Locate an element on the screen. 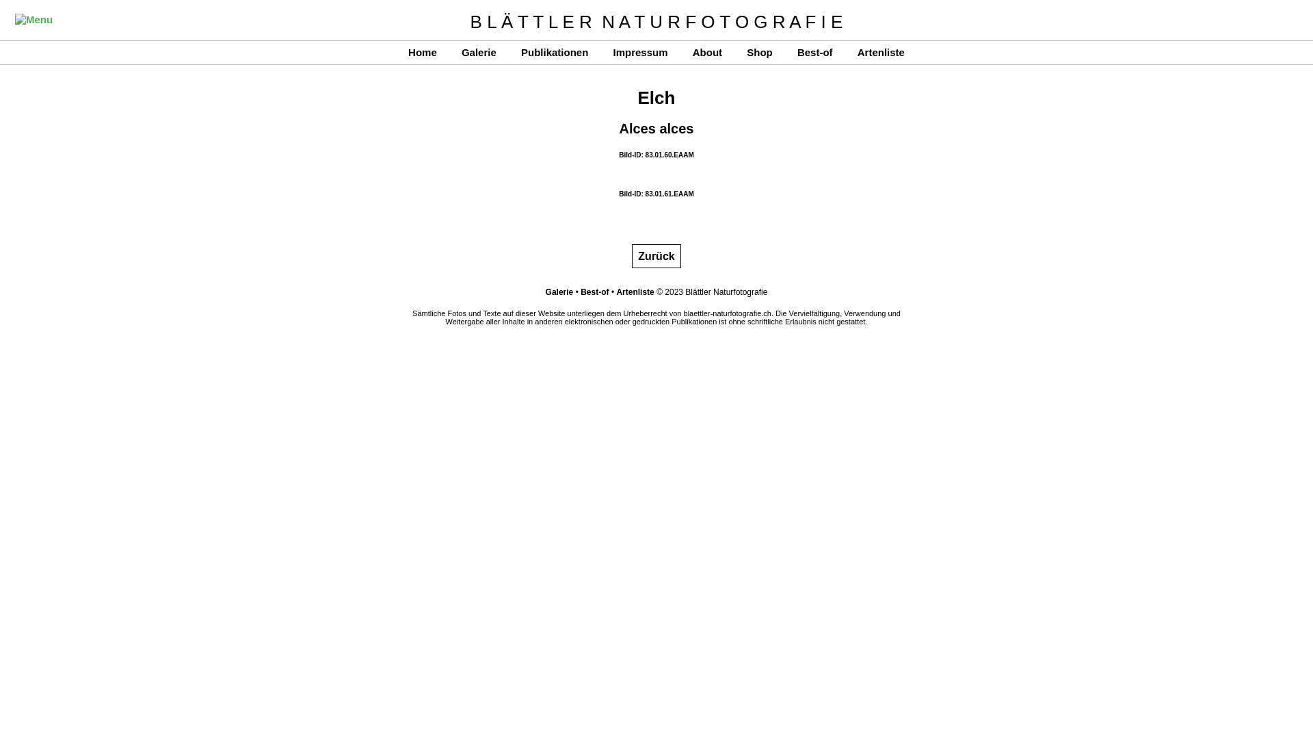 This screenshot has height=739, width=1313. 'Bild-ID: 83.01.60.EAAM' is located at coordinates (655, 154).